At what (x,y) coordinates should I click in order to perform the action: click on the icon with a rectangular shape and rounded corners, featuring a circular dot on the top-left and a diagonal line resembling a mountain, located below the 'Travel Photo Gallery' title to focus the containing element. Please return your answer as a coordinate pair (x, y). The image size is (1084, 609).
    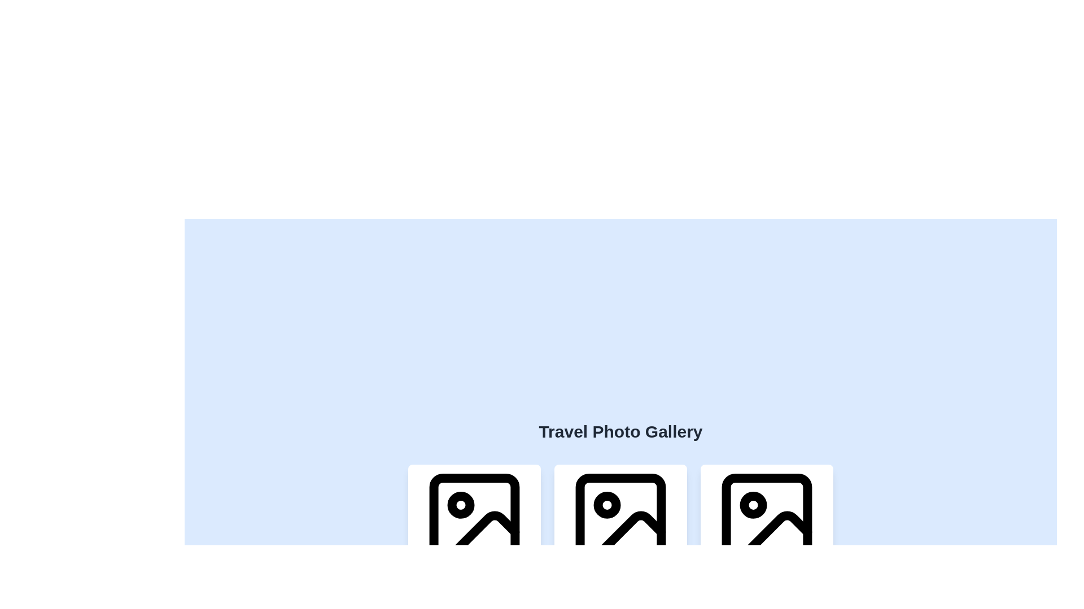
    Looking at the image, I should click on (620, 519).